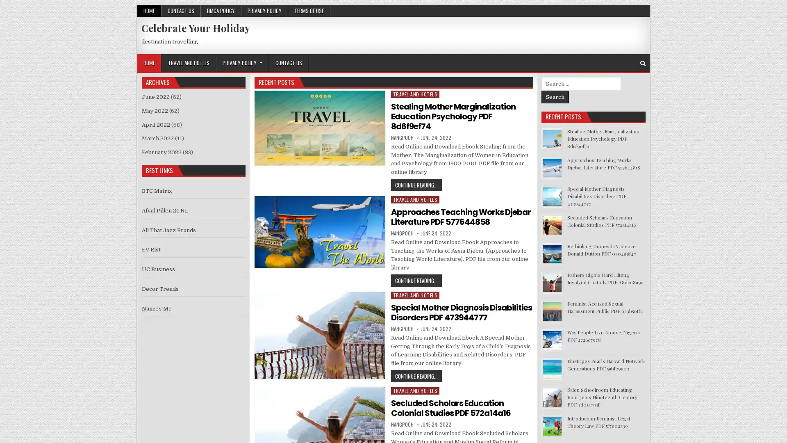 This screenshot has height=443, width=787. I want to click on Search, so click(555, 96).